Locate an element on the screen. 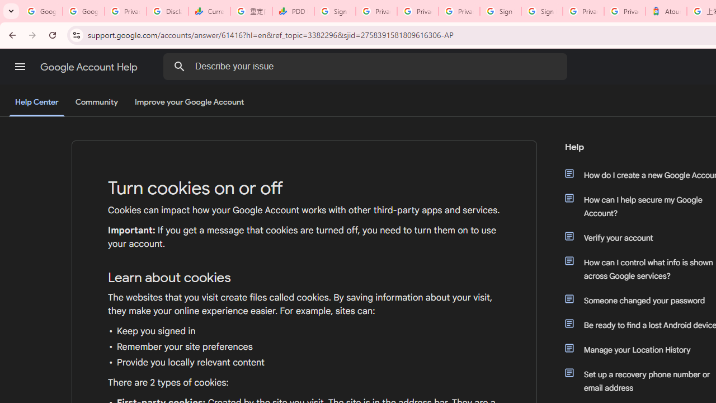 Image resolution: width=716 pixels, height=403 pixels. 'Sign in - Google Accounts' is located at coordinates (500, 11).